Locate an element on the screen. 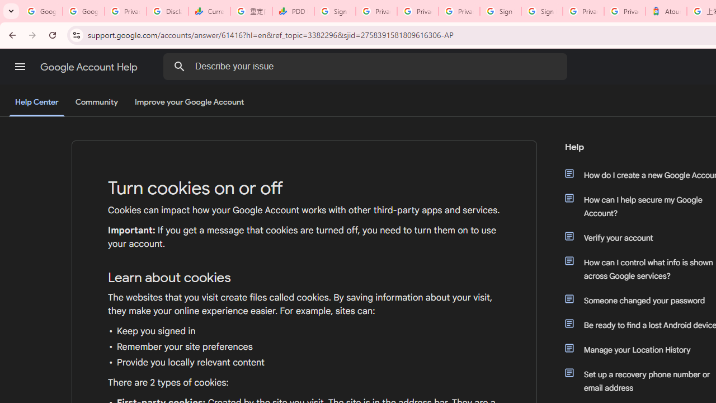 Image resolution: width=716 pixels, height=403 pixels. 'Sign in - Google Accounts' is located at coordinates (500, 11).